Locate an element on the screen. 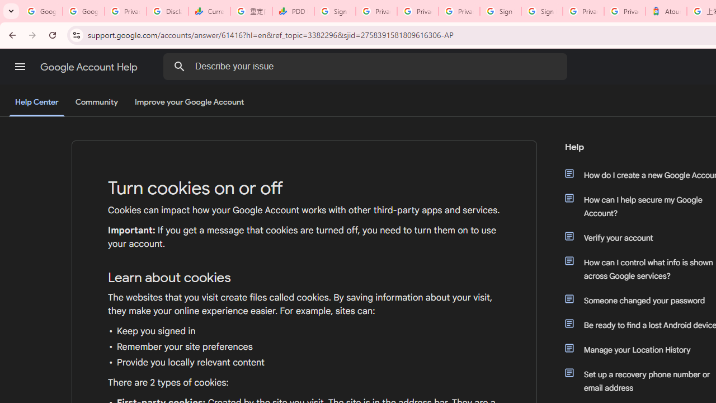 Image resolution: width=716 pixels, height=403 pixels. 'Sign in - Google Accounts' is located at coordinates (500, 11).